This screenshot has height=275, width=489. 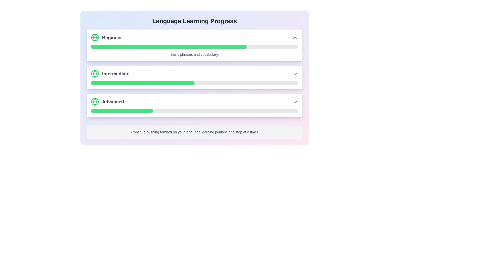 I want to click on the 'Beginner' section icon, which visually represents the introductory level in the language learning interface, located to the left of the text 'Beginner', so click(x=95, y=37).